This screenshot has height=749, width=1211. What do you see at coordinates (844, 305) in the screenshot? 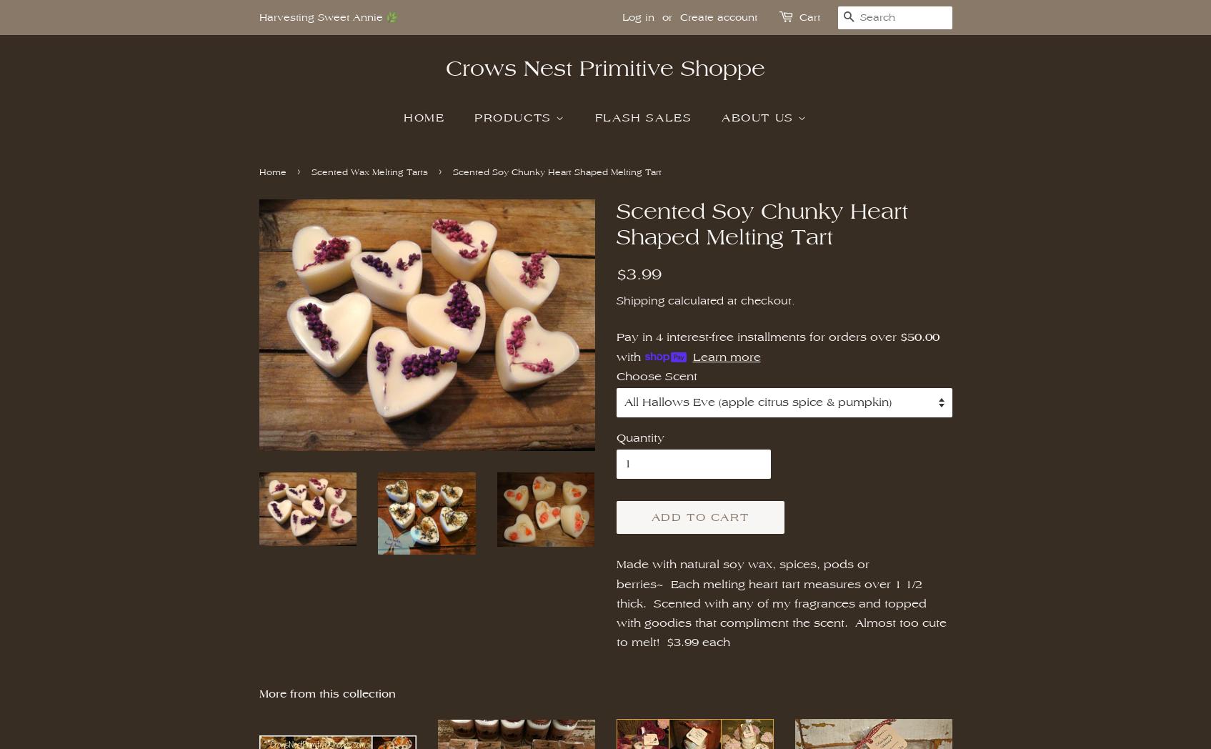
I see `'Dried Herbs & Bunches'` at bounding box center [844, 305].